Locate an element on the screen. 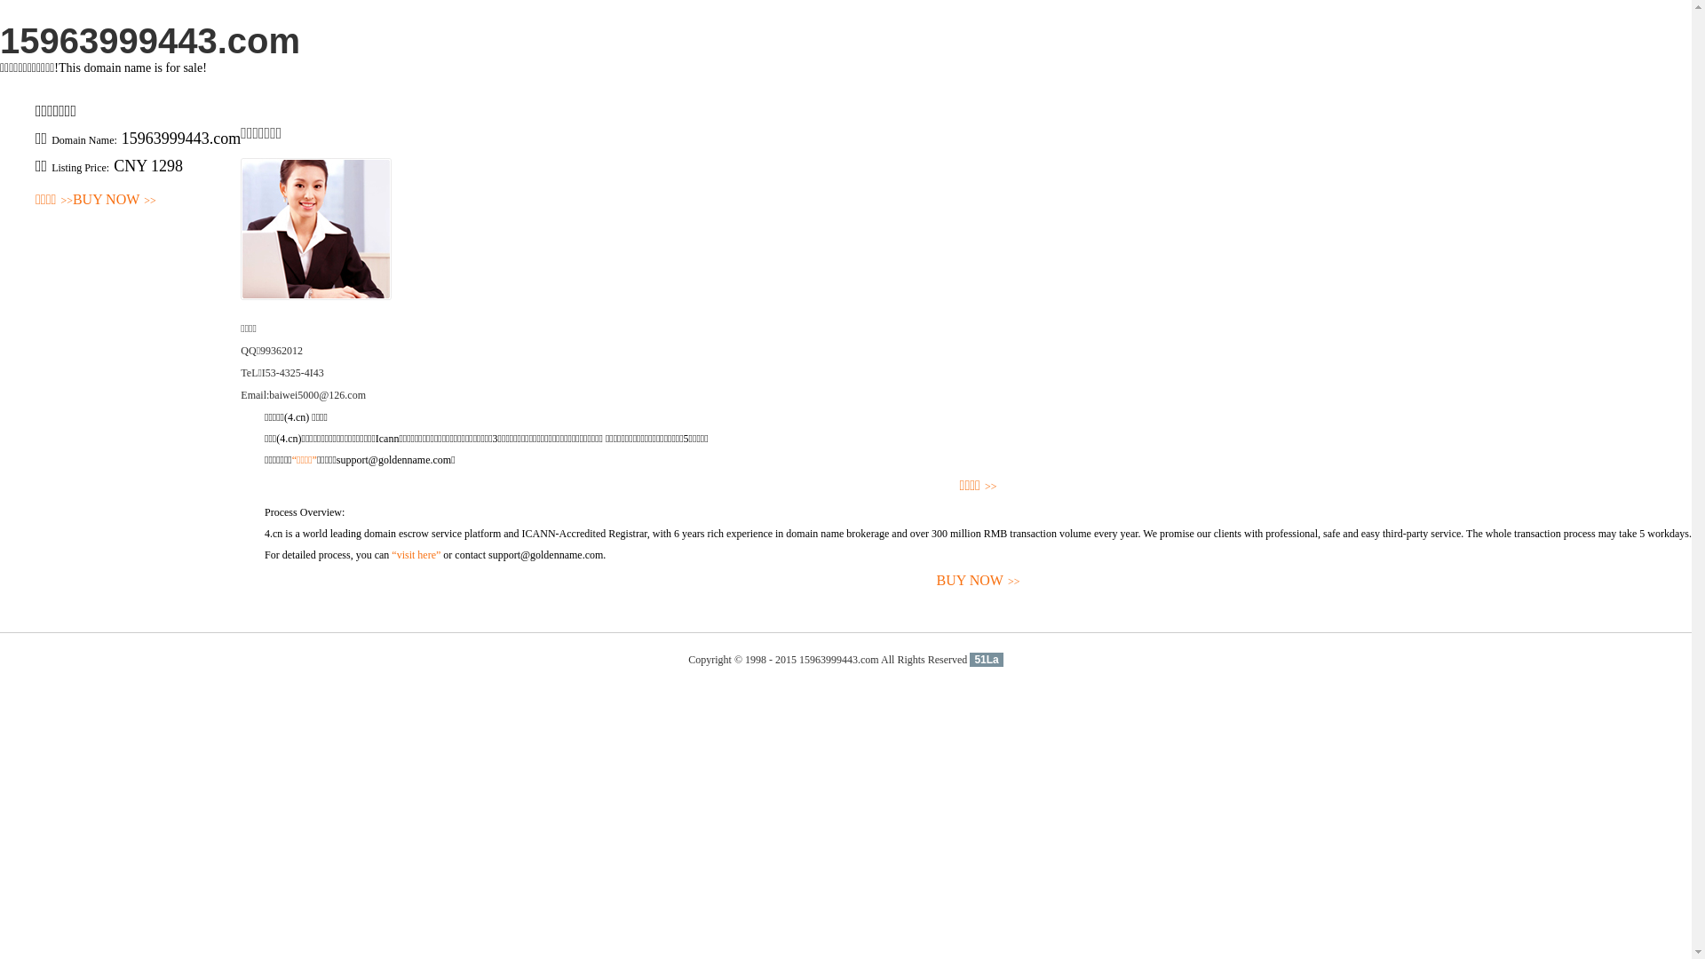 Image resolution: width=1705 pixels, height=959 pixels. 'BUY NOW>>' is located at coordinates (114, 200).